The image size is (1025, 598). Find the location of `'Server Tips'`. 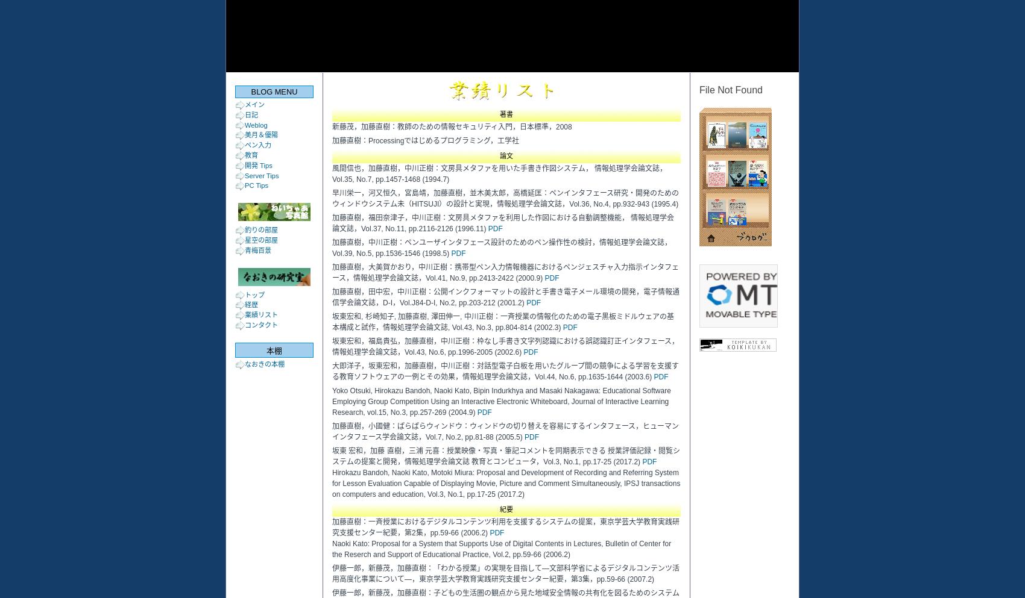

'Server Tips' is located at coordinates (262, 175).